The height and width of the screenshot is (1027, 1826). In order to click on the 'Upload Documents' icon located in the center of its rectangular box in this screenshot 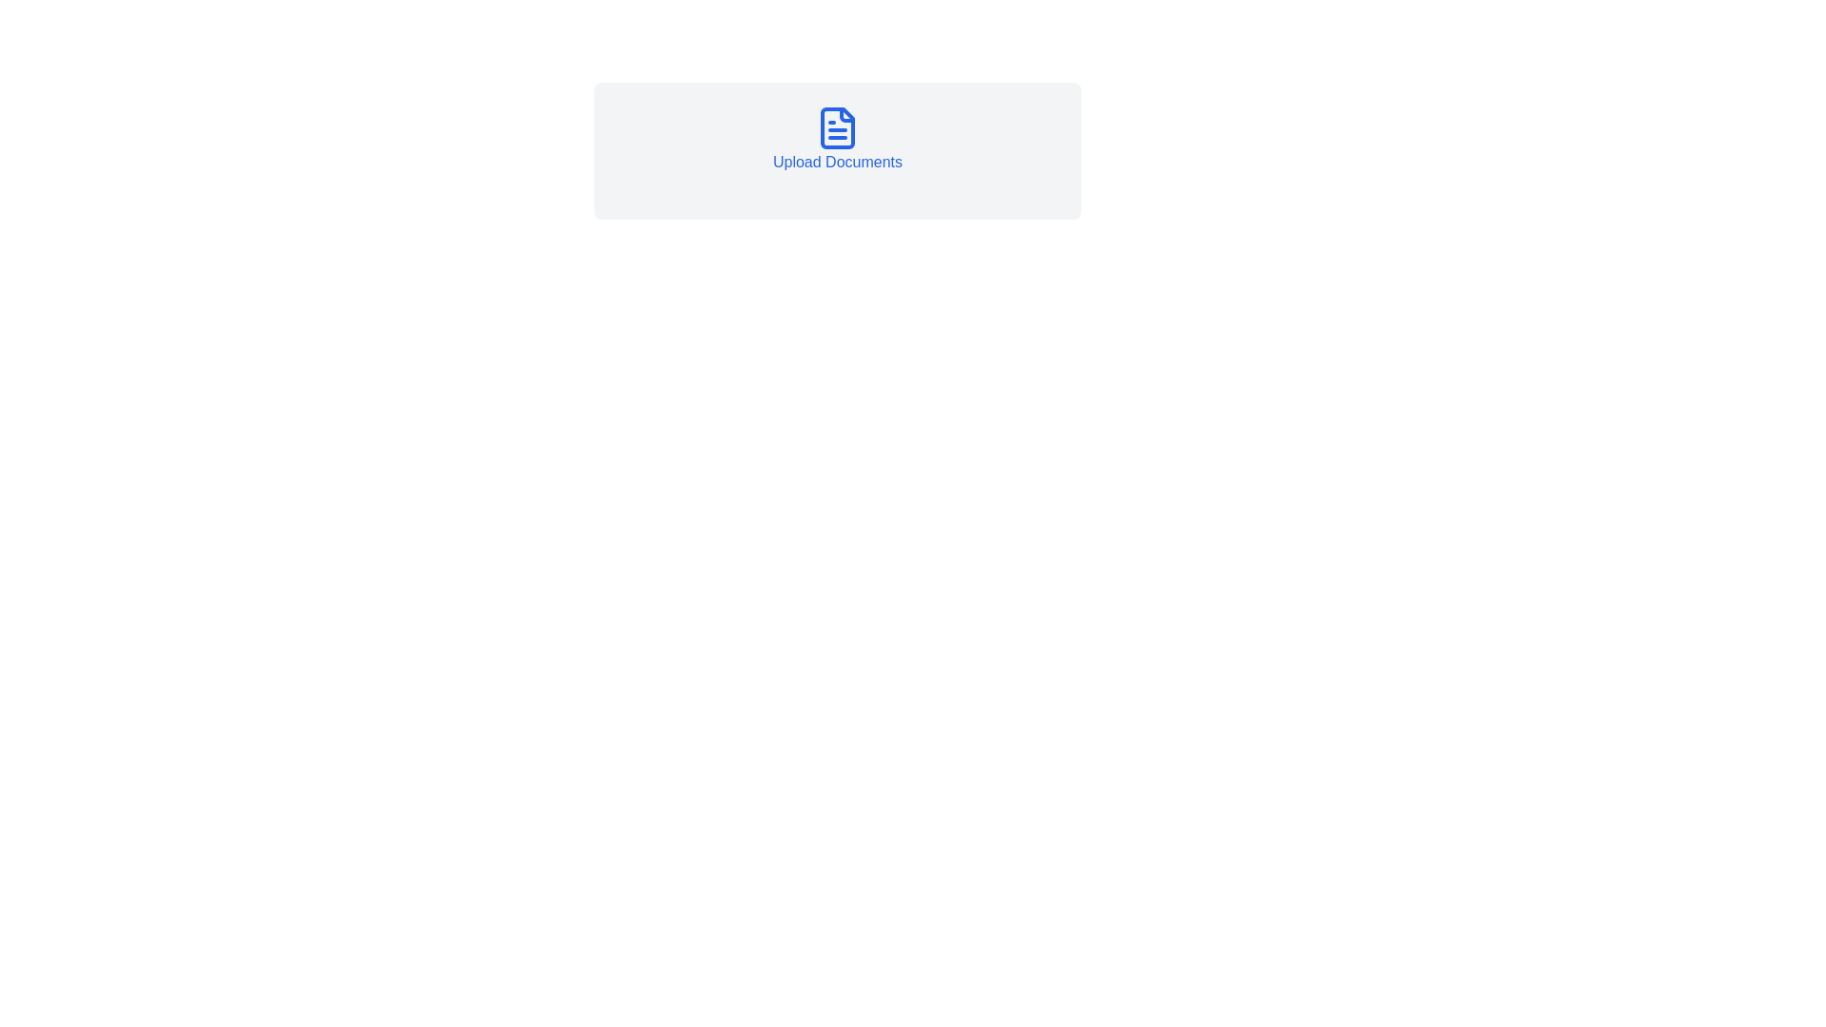, I will do `click(837, 128)`.